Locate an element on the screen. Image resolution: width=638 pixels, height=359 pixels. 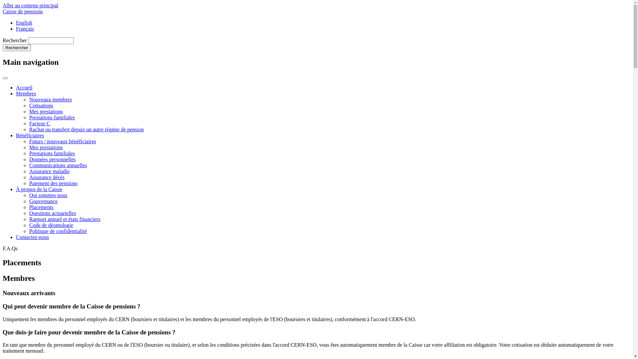
'Assurance maladie' is located at coordinates (29, 171).